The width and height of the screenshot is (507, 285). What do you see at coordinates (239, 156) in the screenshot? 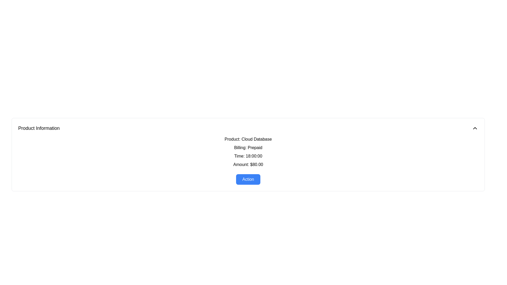
I see `the textual label reading 'Time:' which is located in the 'Product Information' section, positioned to the left of the time value '18:00:00'` at bounding box center [239, 156].